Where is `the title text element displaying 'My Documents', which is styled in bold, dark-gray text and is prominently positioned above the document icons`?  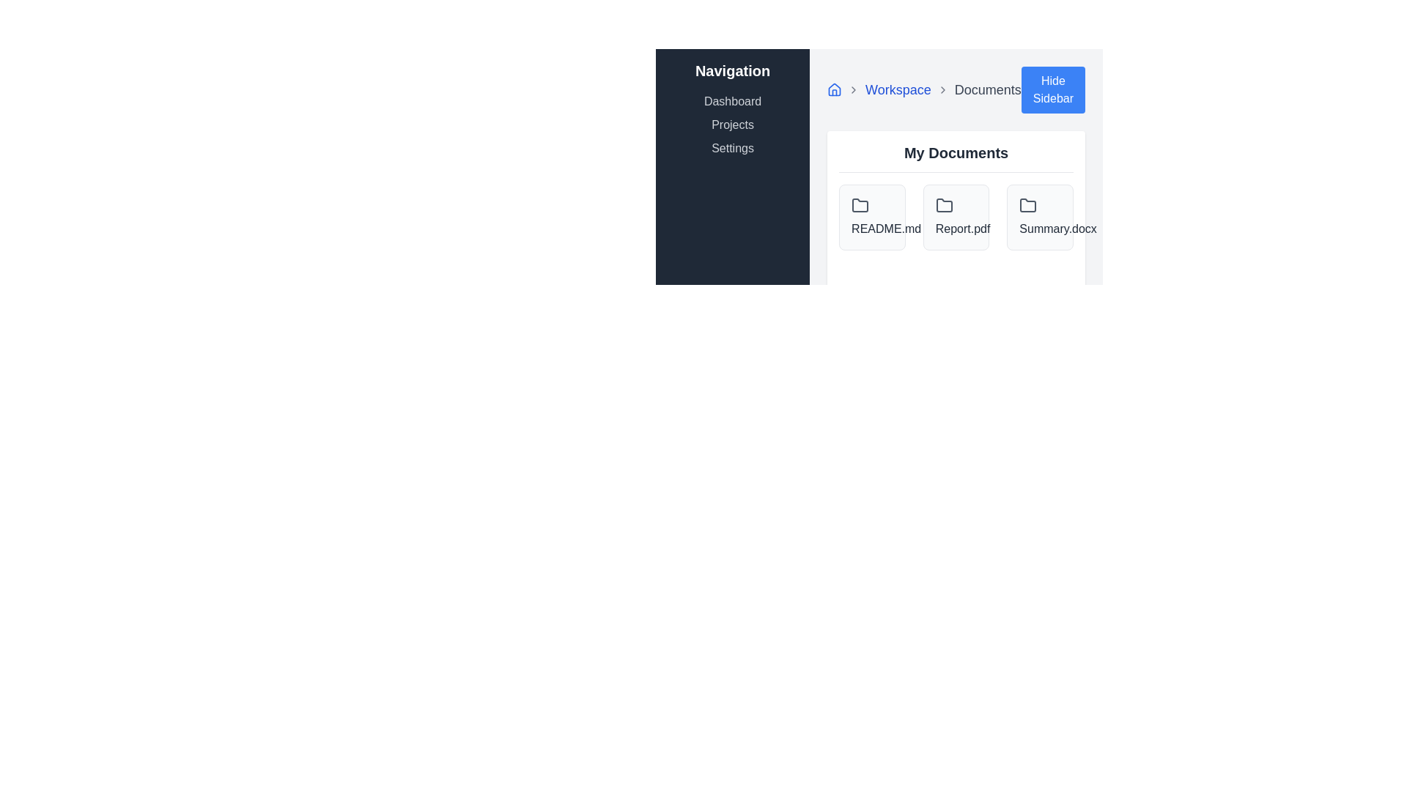
the title text element displaying 'My Documents', which is styled in bold, dark-gray text and is prominently positioned above the document icons is located at coordinates (956, 157).